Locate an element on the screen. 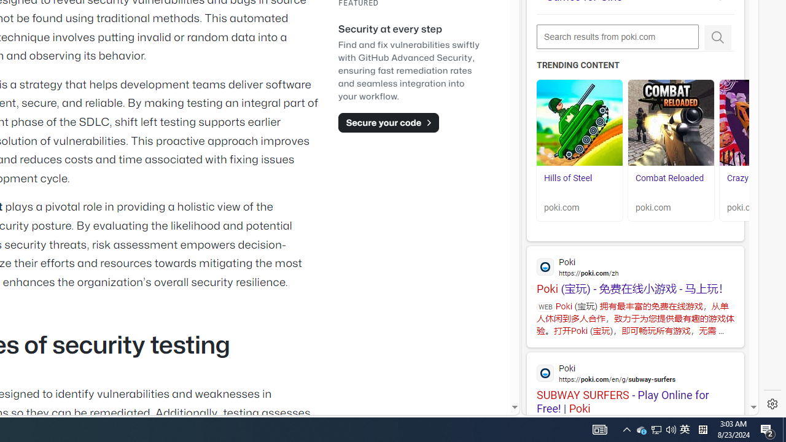  'Combat Reloaded Combat Reloaded poki.com' is located at coordinates (671, 150).